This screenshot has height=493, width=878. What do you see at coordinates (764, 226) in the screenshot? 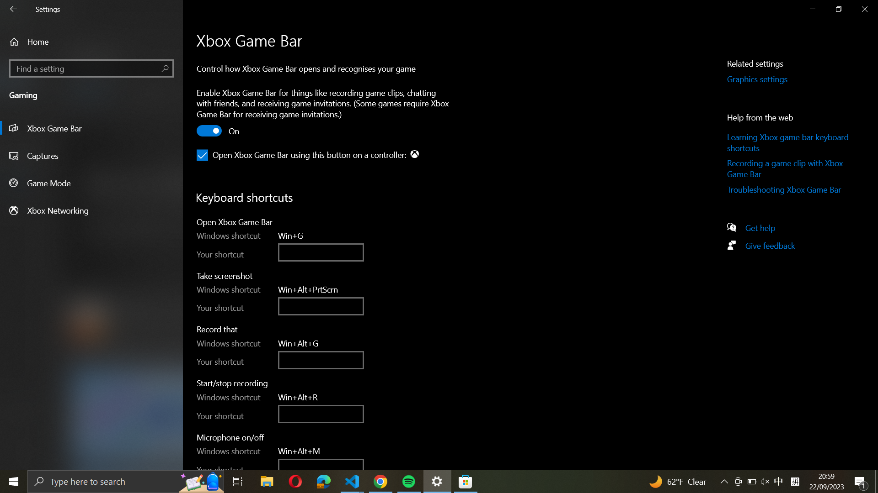
I see `the "Get Help" section` at bounding box center [764, 226].